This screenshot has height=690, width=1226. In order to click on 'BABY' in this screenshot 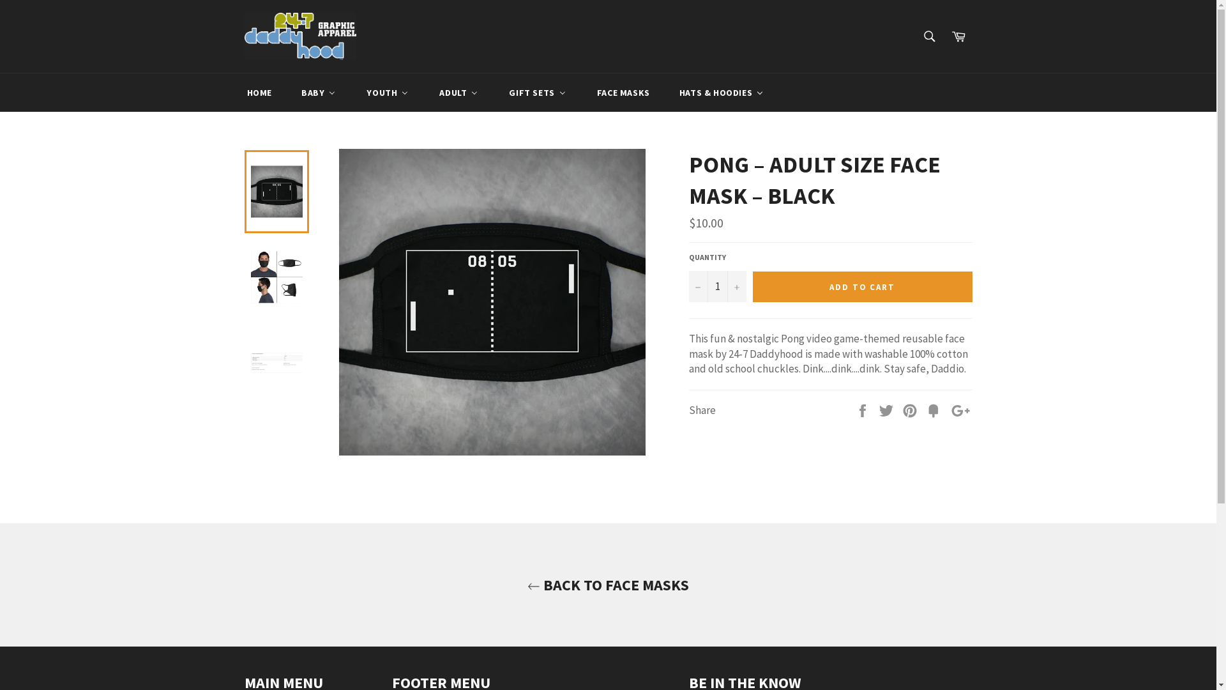, I will do `click(319, 92)`.